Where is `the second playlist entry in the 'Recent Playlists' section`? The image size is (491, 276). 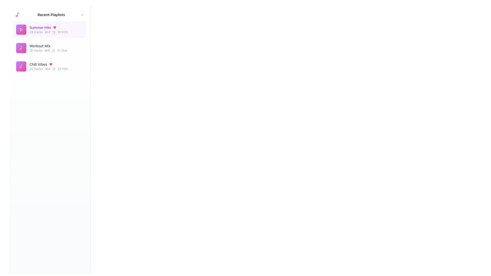 the second playlist entry in the 'Recent Playlists' section is located at coordinates (50, 48).